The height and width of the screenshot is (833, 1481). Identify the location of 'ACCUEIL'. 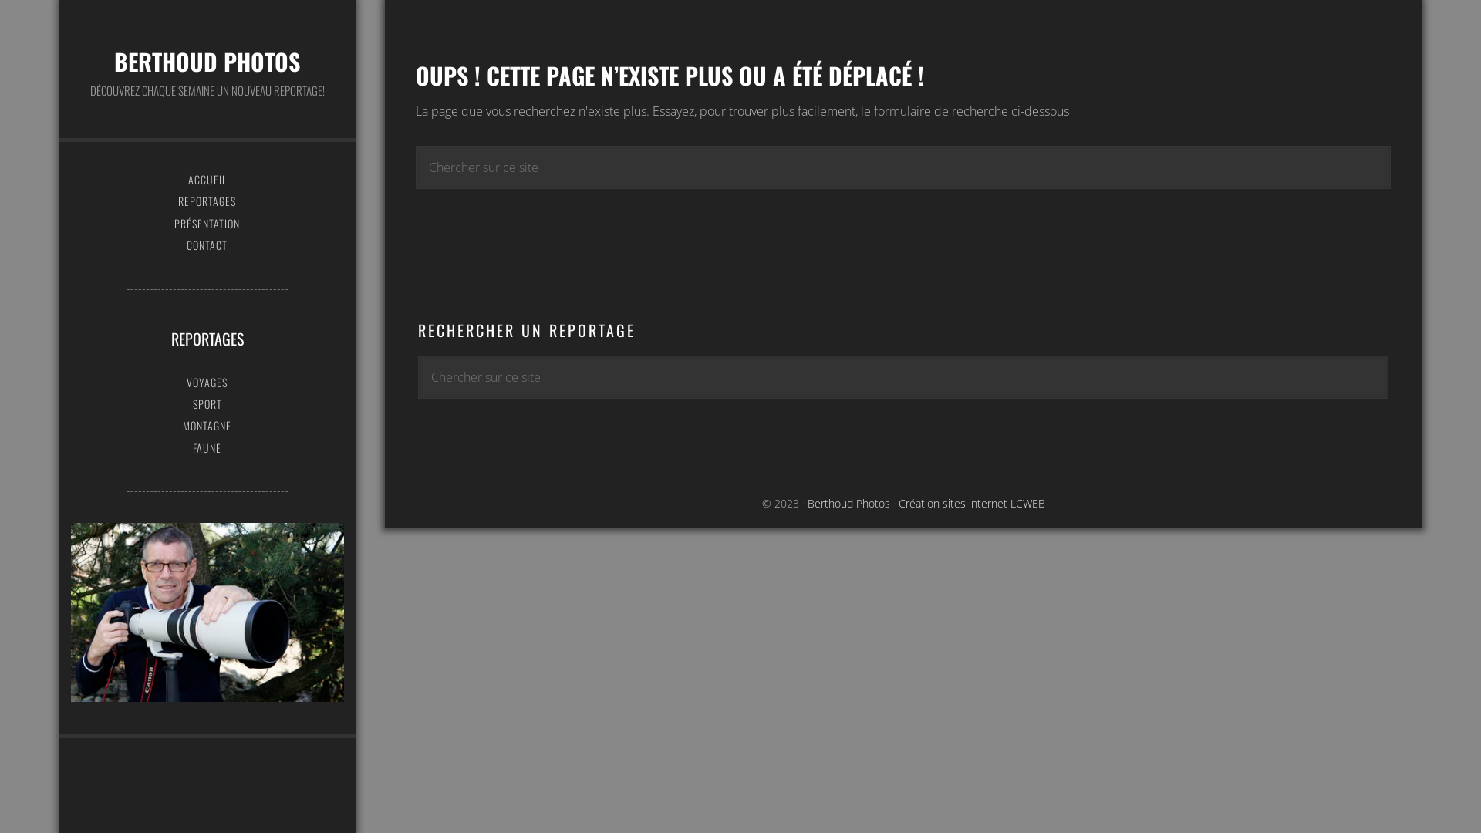
(206, 178).